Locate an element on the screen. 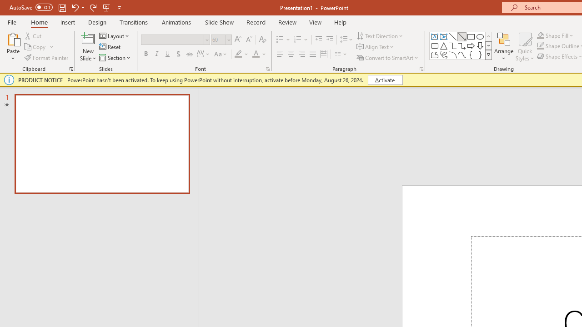 This screenshot has height=327, width=582. 'Activate' is located at coordinates (385, 79).